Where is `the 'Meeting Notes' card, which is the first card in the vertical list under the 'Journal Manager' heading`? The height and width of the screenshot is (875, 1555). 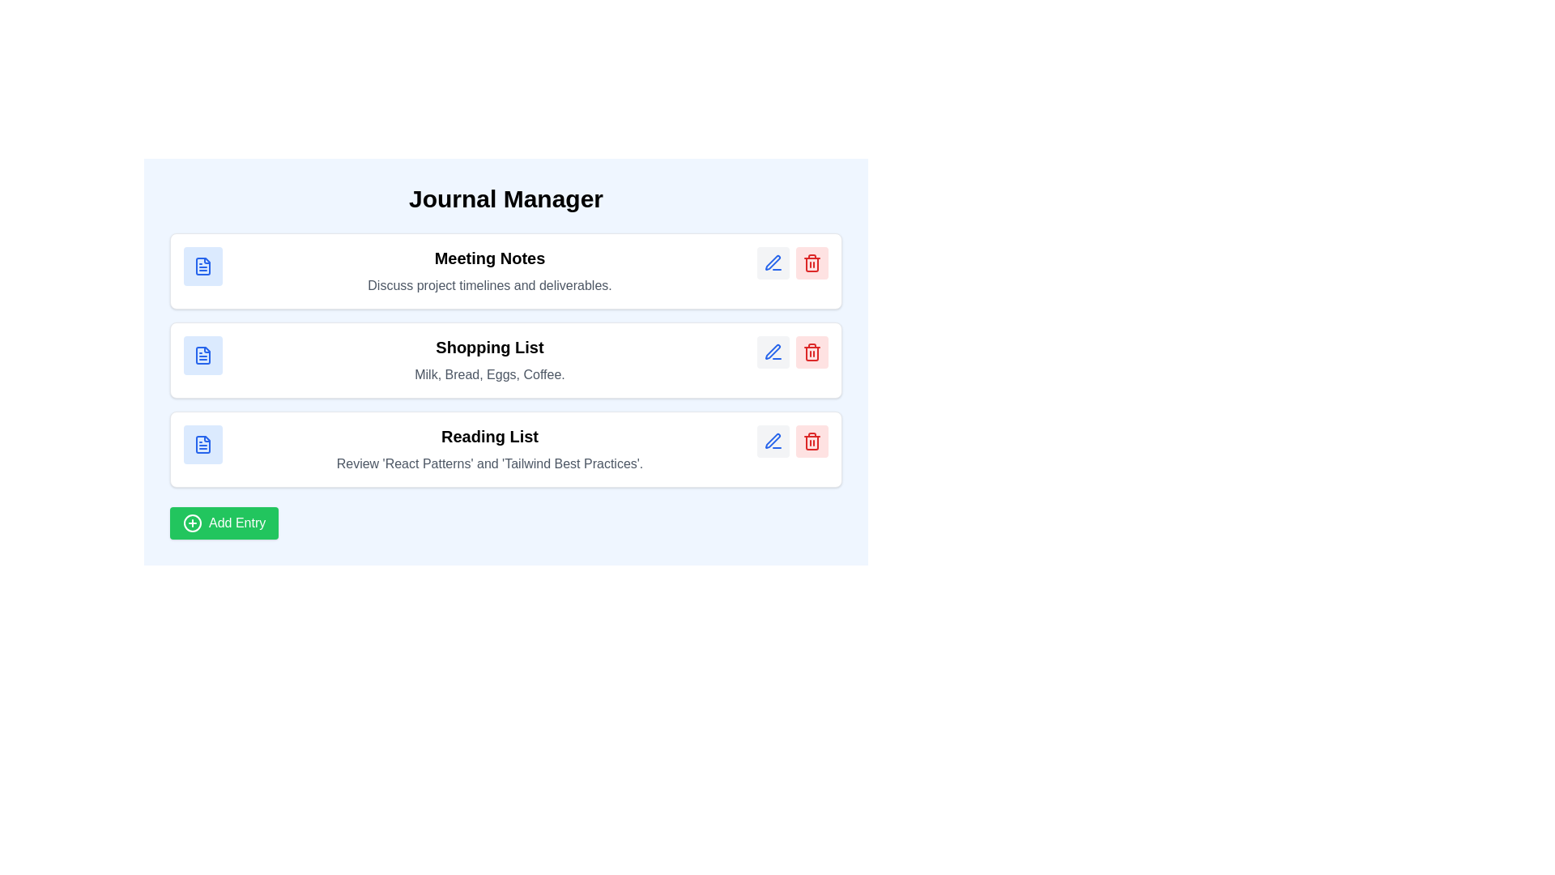 the 'Meeting Notes' card, which is the first card in the vertical list under the 'Journal Manager' heading is located at coordinates (505, 271).